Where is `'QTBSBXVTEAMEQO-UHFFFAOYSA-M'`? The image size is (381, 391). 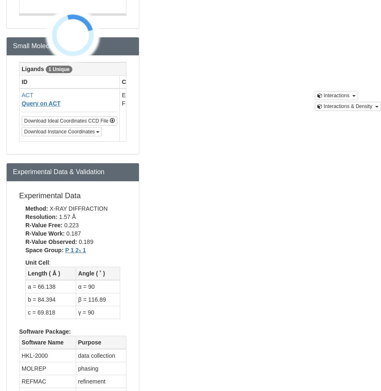 'QTBSBXVTEAMEQO-UHFFFAOYSA-M' is located at coordinates (153, 112).